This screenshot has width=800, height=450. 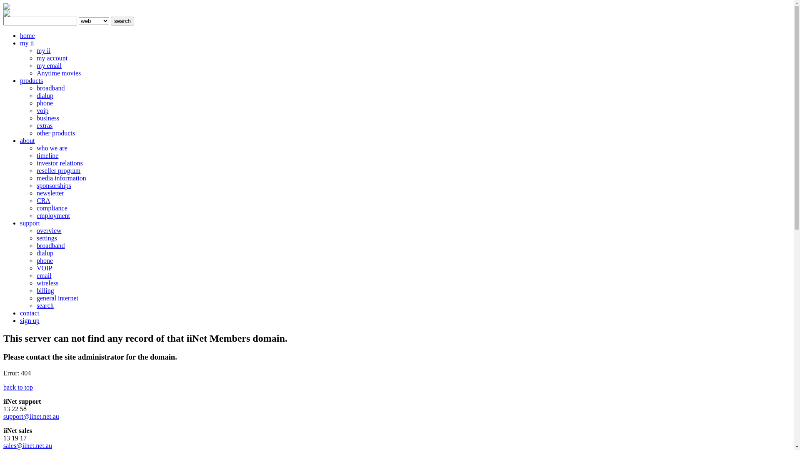 What do you see at coordinates (44, 260) in the screenshot?
I see `'phone'` at bounding box center [44, 260].